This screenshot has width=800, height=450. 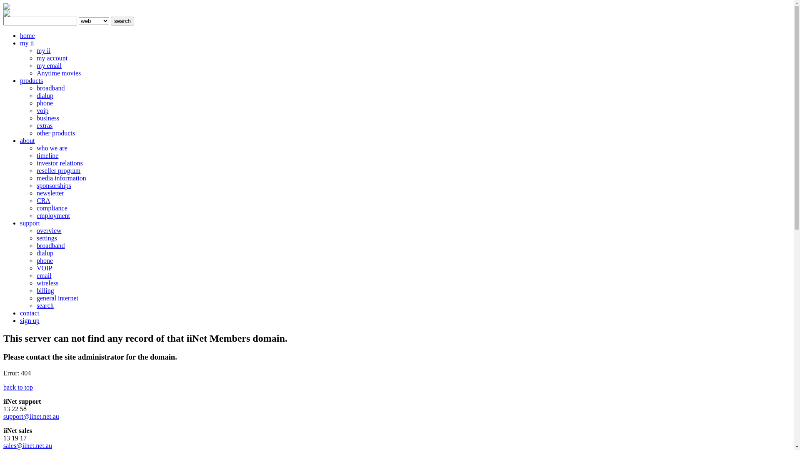 What do you see at coordinates (44, 260) in the screenshot?
I see `'phone'` at bounding box center [44, 260].